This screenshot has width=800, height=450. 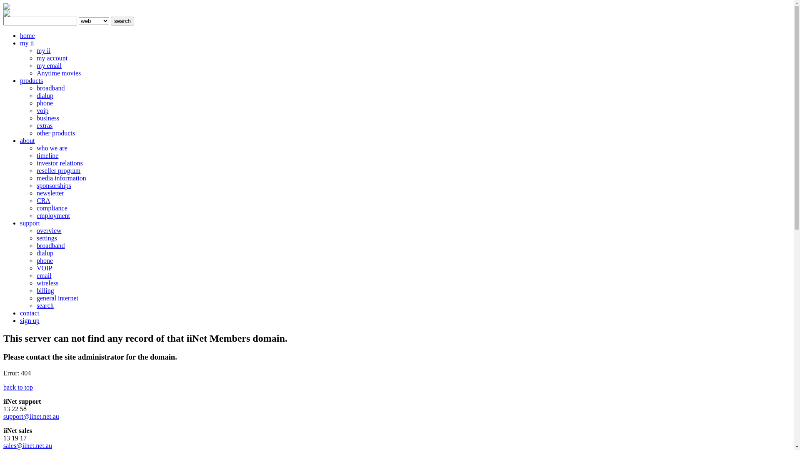 What do you see at coordinates (44, 260) in the screenshot?
I see `'phone'` at bounding box center [44, 260].